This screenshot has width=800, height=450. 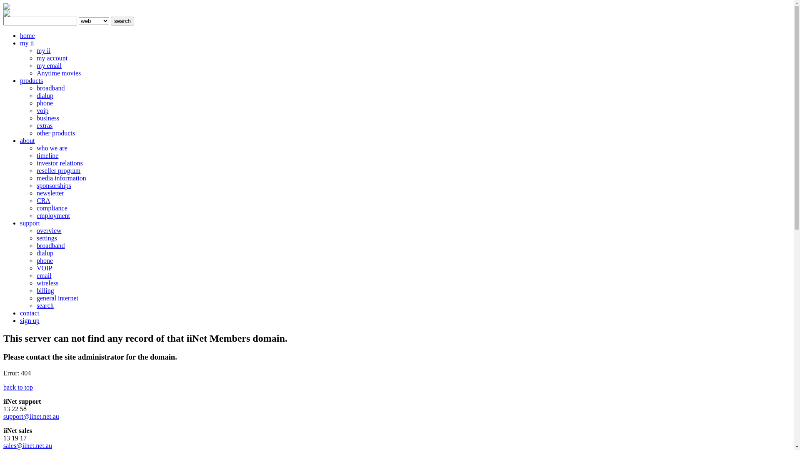 What do you see at coordinates (44, 260) in the screenshot?
I see `'phone'` at bounding box center [44, 260].